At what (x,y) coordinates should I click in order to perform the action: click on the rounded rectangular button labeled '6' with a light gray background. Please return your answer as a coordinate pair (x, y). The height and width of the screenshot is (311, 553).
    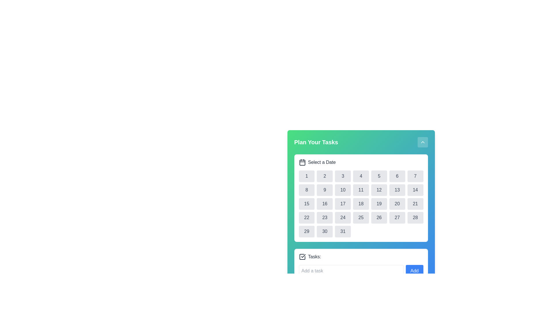
    Looking at the image, I should click on (397, 176).